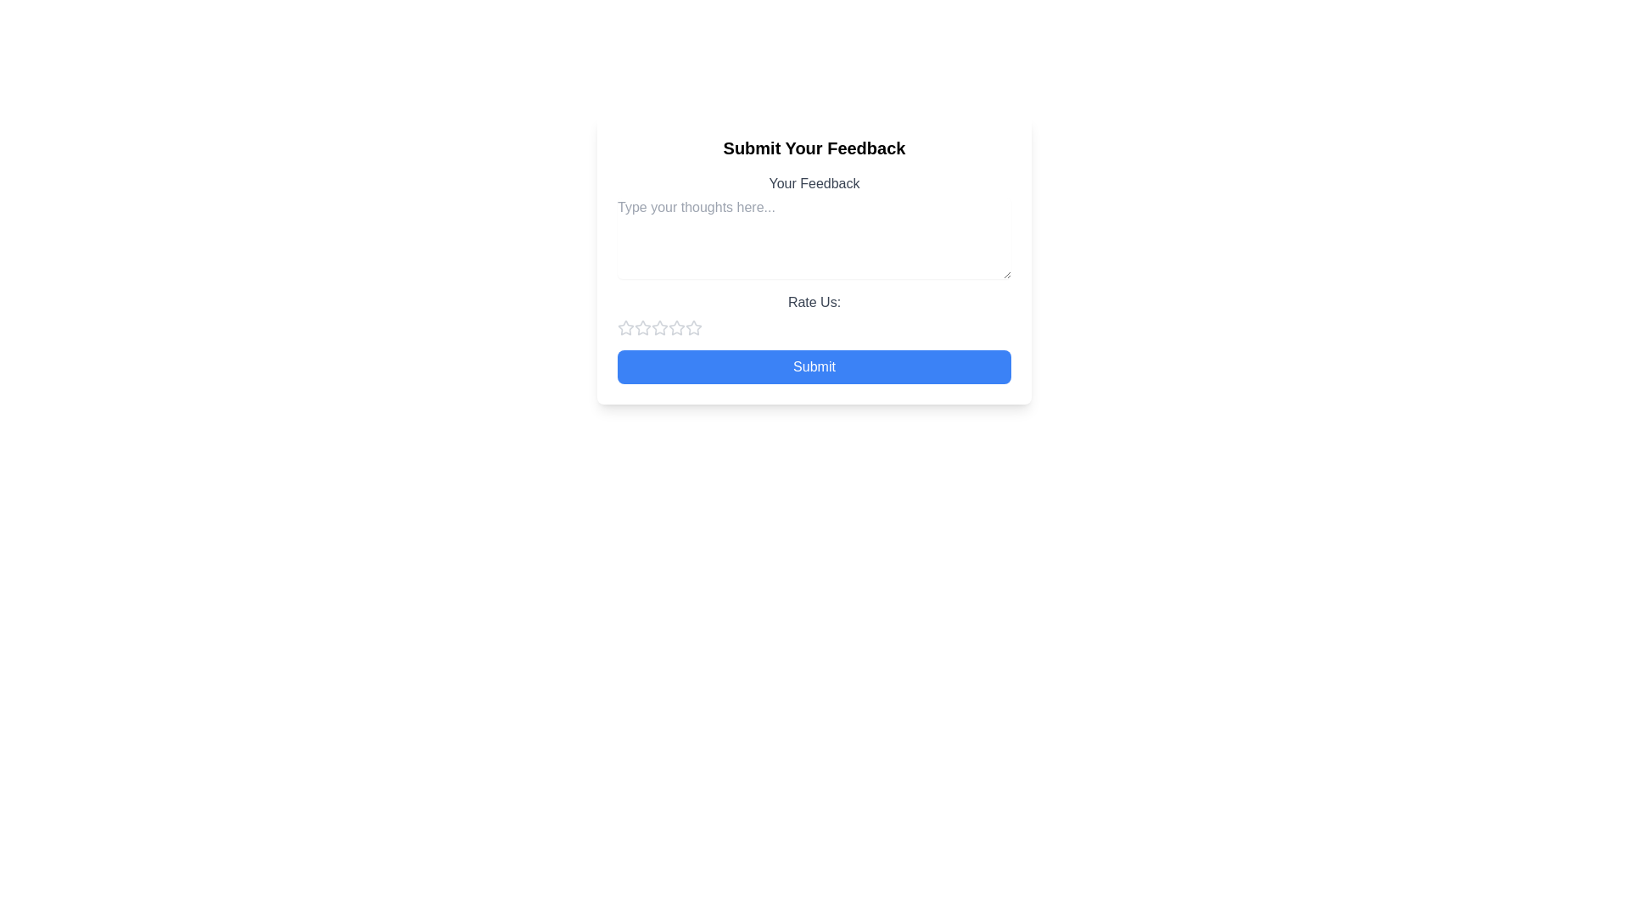 The width and height of the screenshot is (1629, 916). What do you see at coordinates (814, 238) in the screenshot?
I see `the text in the multiline text input field (textarea) located underneath the label 'Your Feedback' in the feedback form` at bounding box center [814, 238].